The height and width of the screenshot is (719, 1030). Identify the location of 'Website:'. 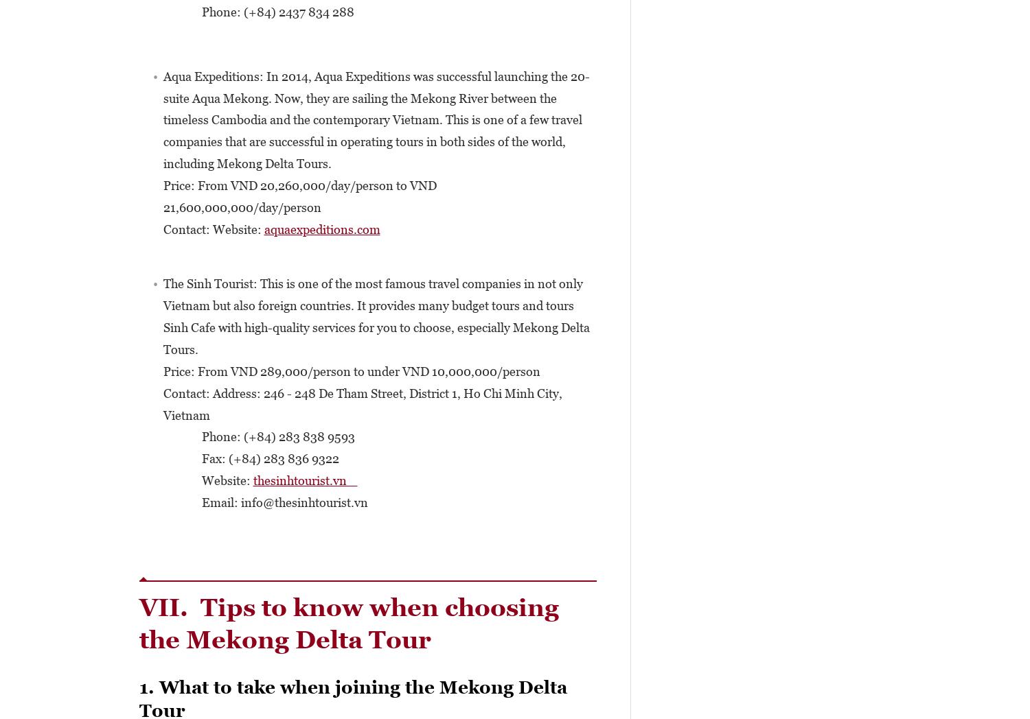
(207, 480).